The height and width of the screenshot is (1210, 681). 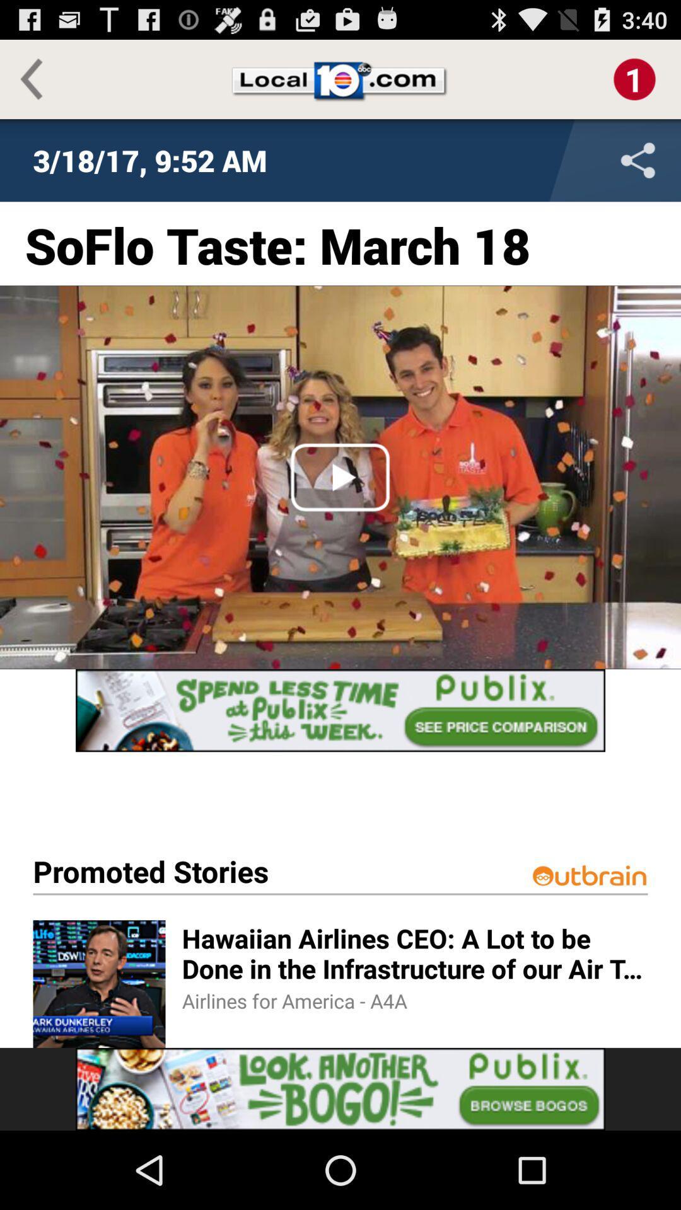 What do you see at coordinates (340, 710) in the screenshot?
I see `screen page` at bounding box center [340, 710].